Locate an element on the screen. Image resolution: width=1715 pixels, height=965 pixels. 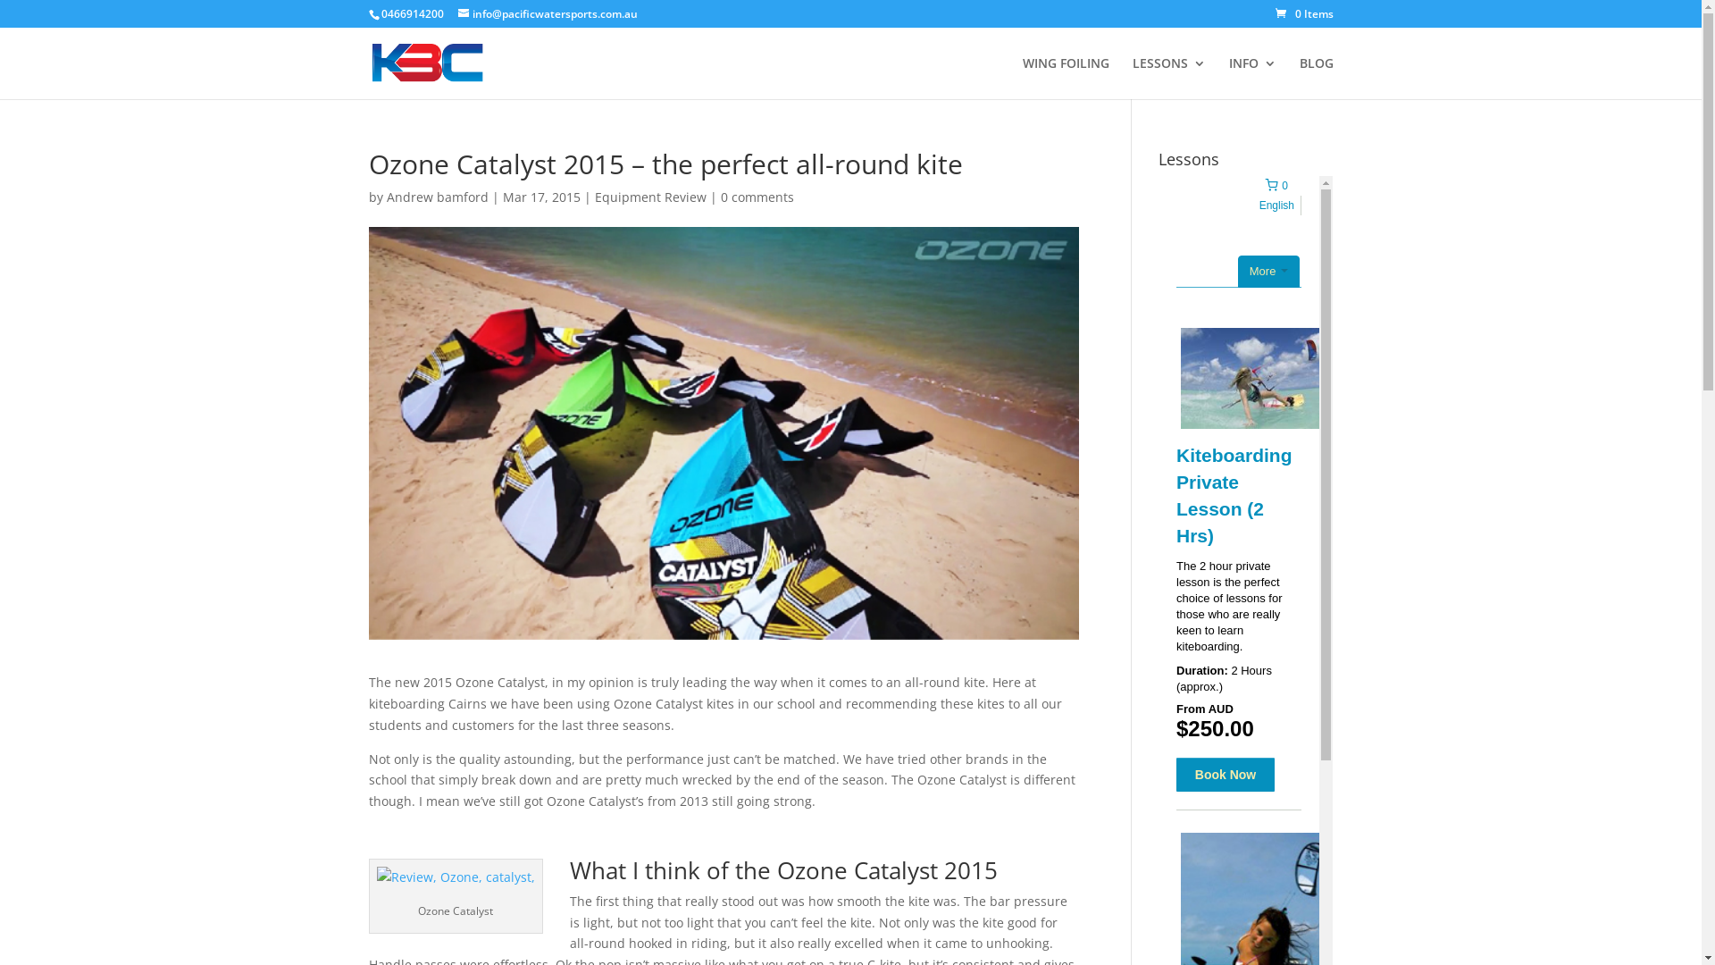
'WING FOILING' is located at coordinates (1065, 77).